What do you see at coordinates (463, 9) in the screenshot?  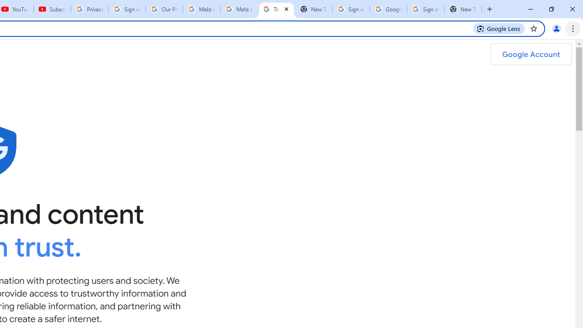 I see `'New Tab'` at bounding box center [463, 9].